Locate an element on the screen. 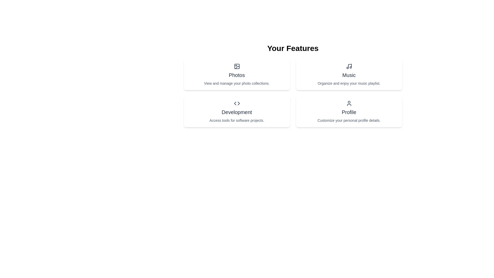 This screenshot has height=278, width=494. the right-pointing triangle of the icon located at the top-left of the 'Development' feature card is located at coordinates (238, 103).